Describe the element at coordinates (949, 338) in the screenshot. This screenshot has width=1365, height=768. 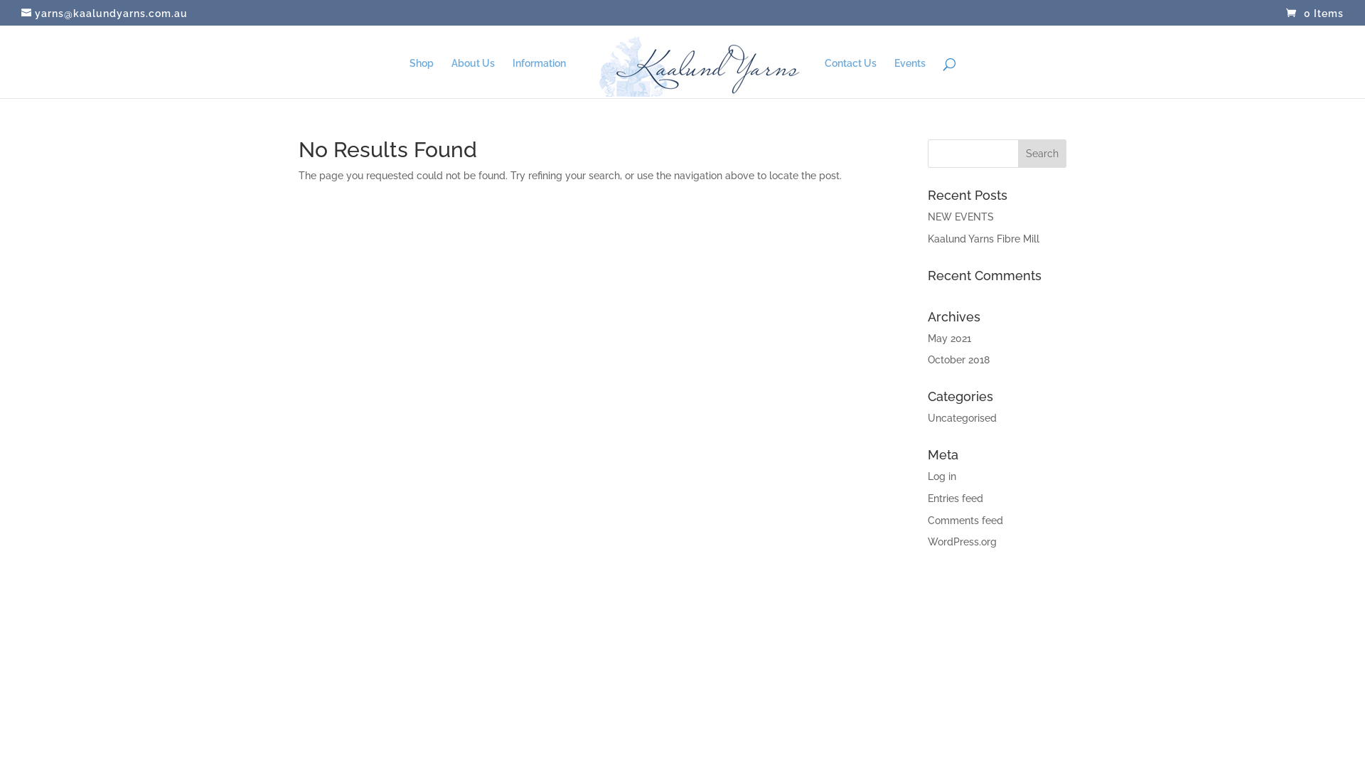
I see `'May 2021'` at that location.